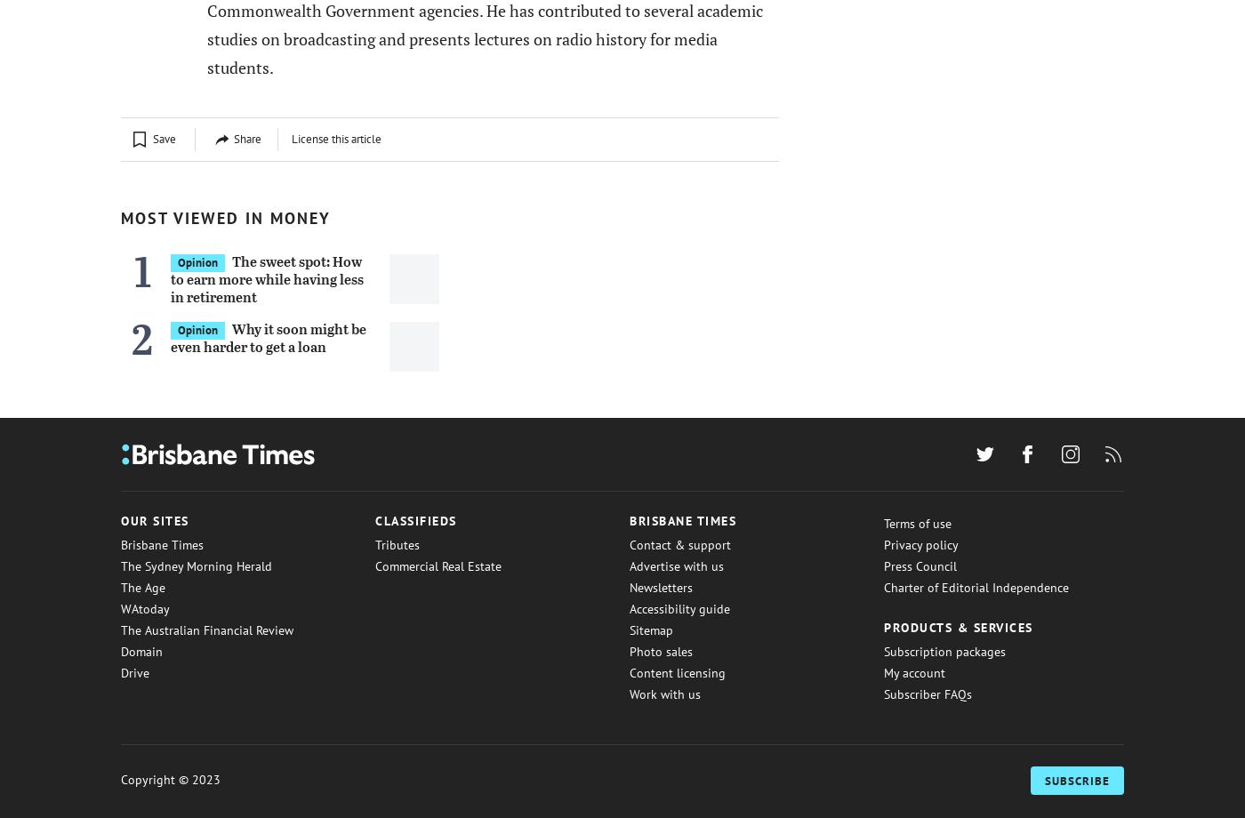  I want to click on 'Sitemap', so click(651, 630).